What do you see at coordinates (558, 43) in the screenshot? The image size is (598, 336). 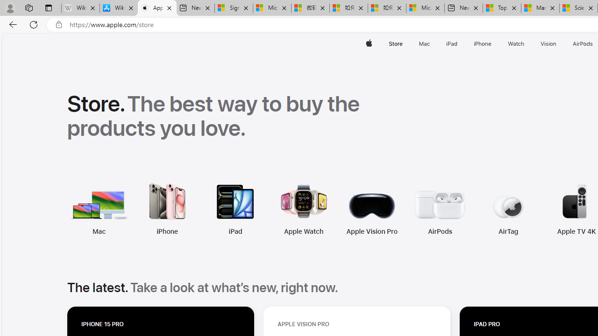 I see `'Vision menu'` at bounding box center [558, 43].